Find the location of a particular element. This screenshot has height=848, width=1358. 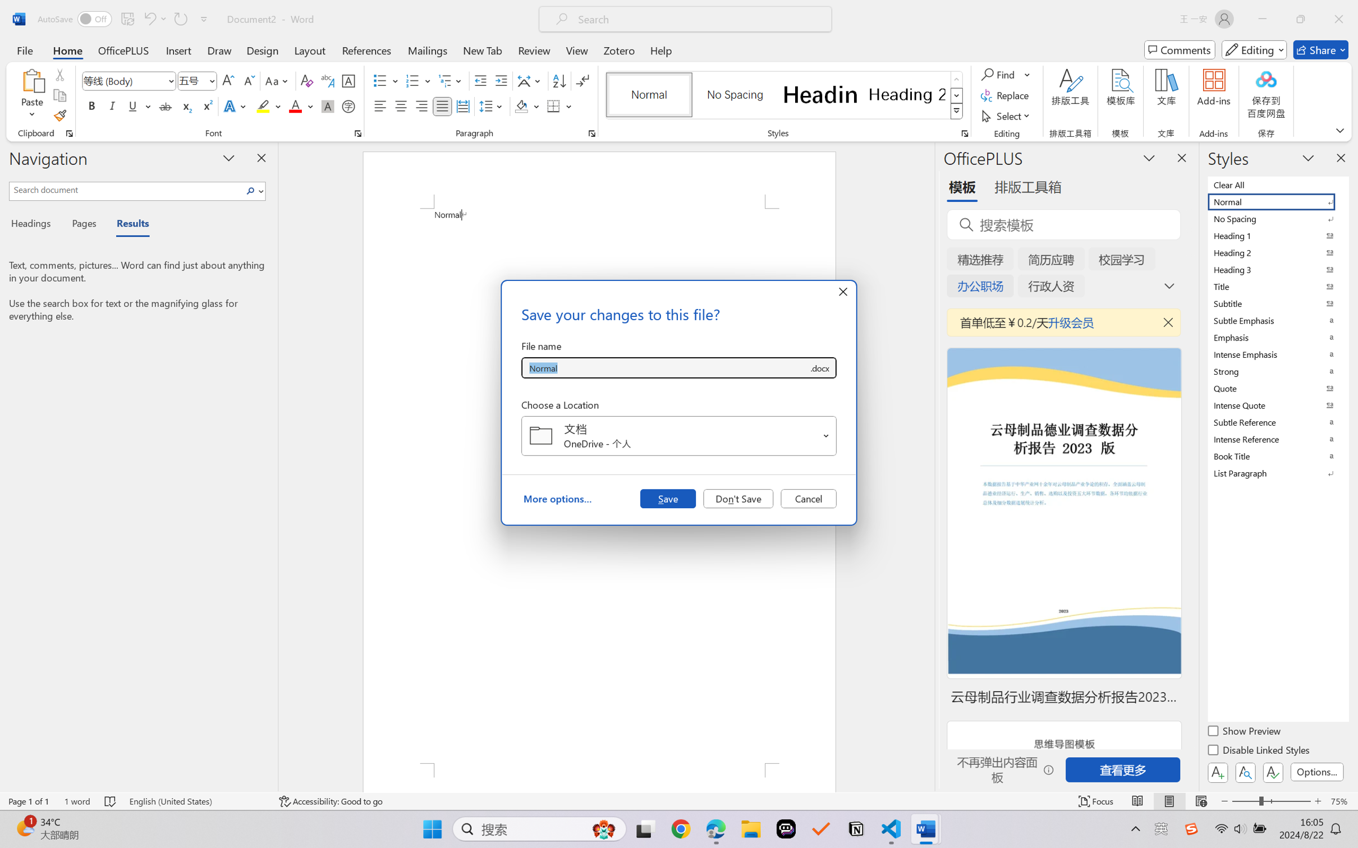

'Zoom In' is located at coordinates (1318, 801).